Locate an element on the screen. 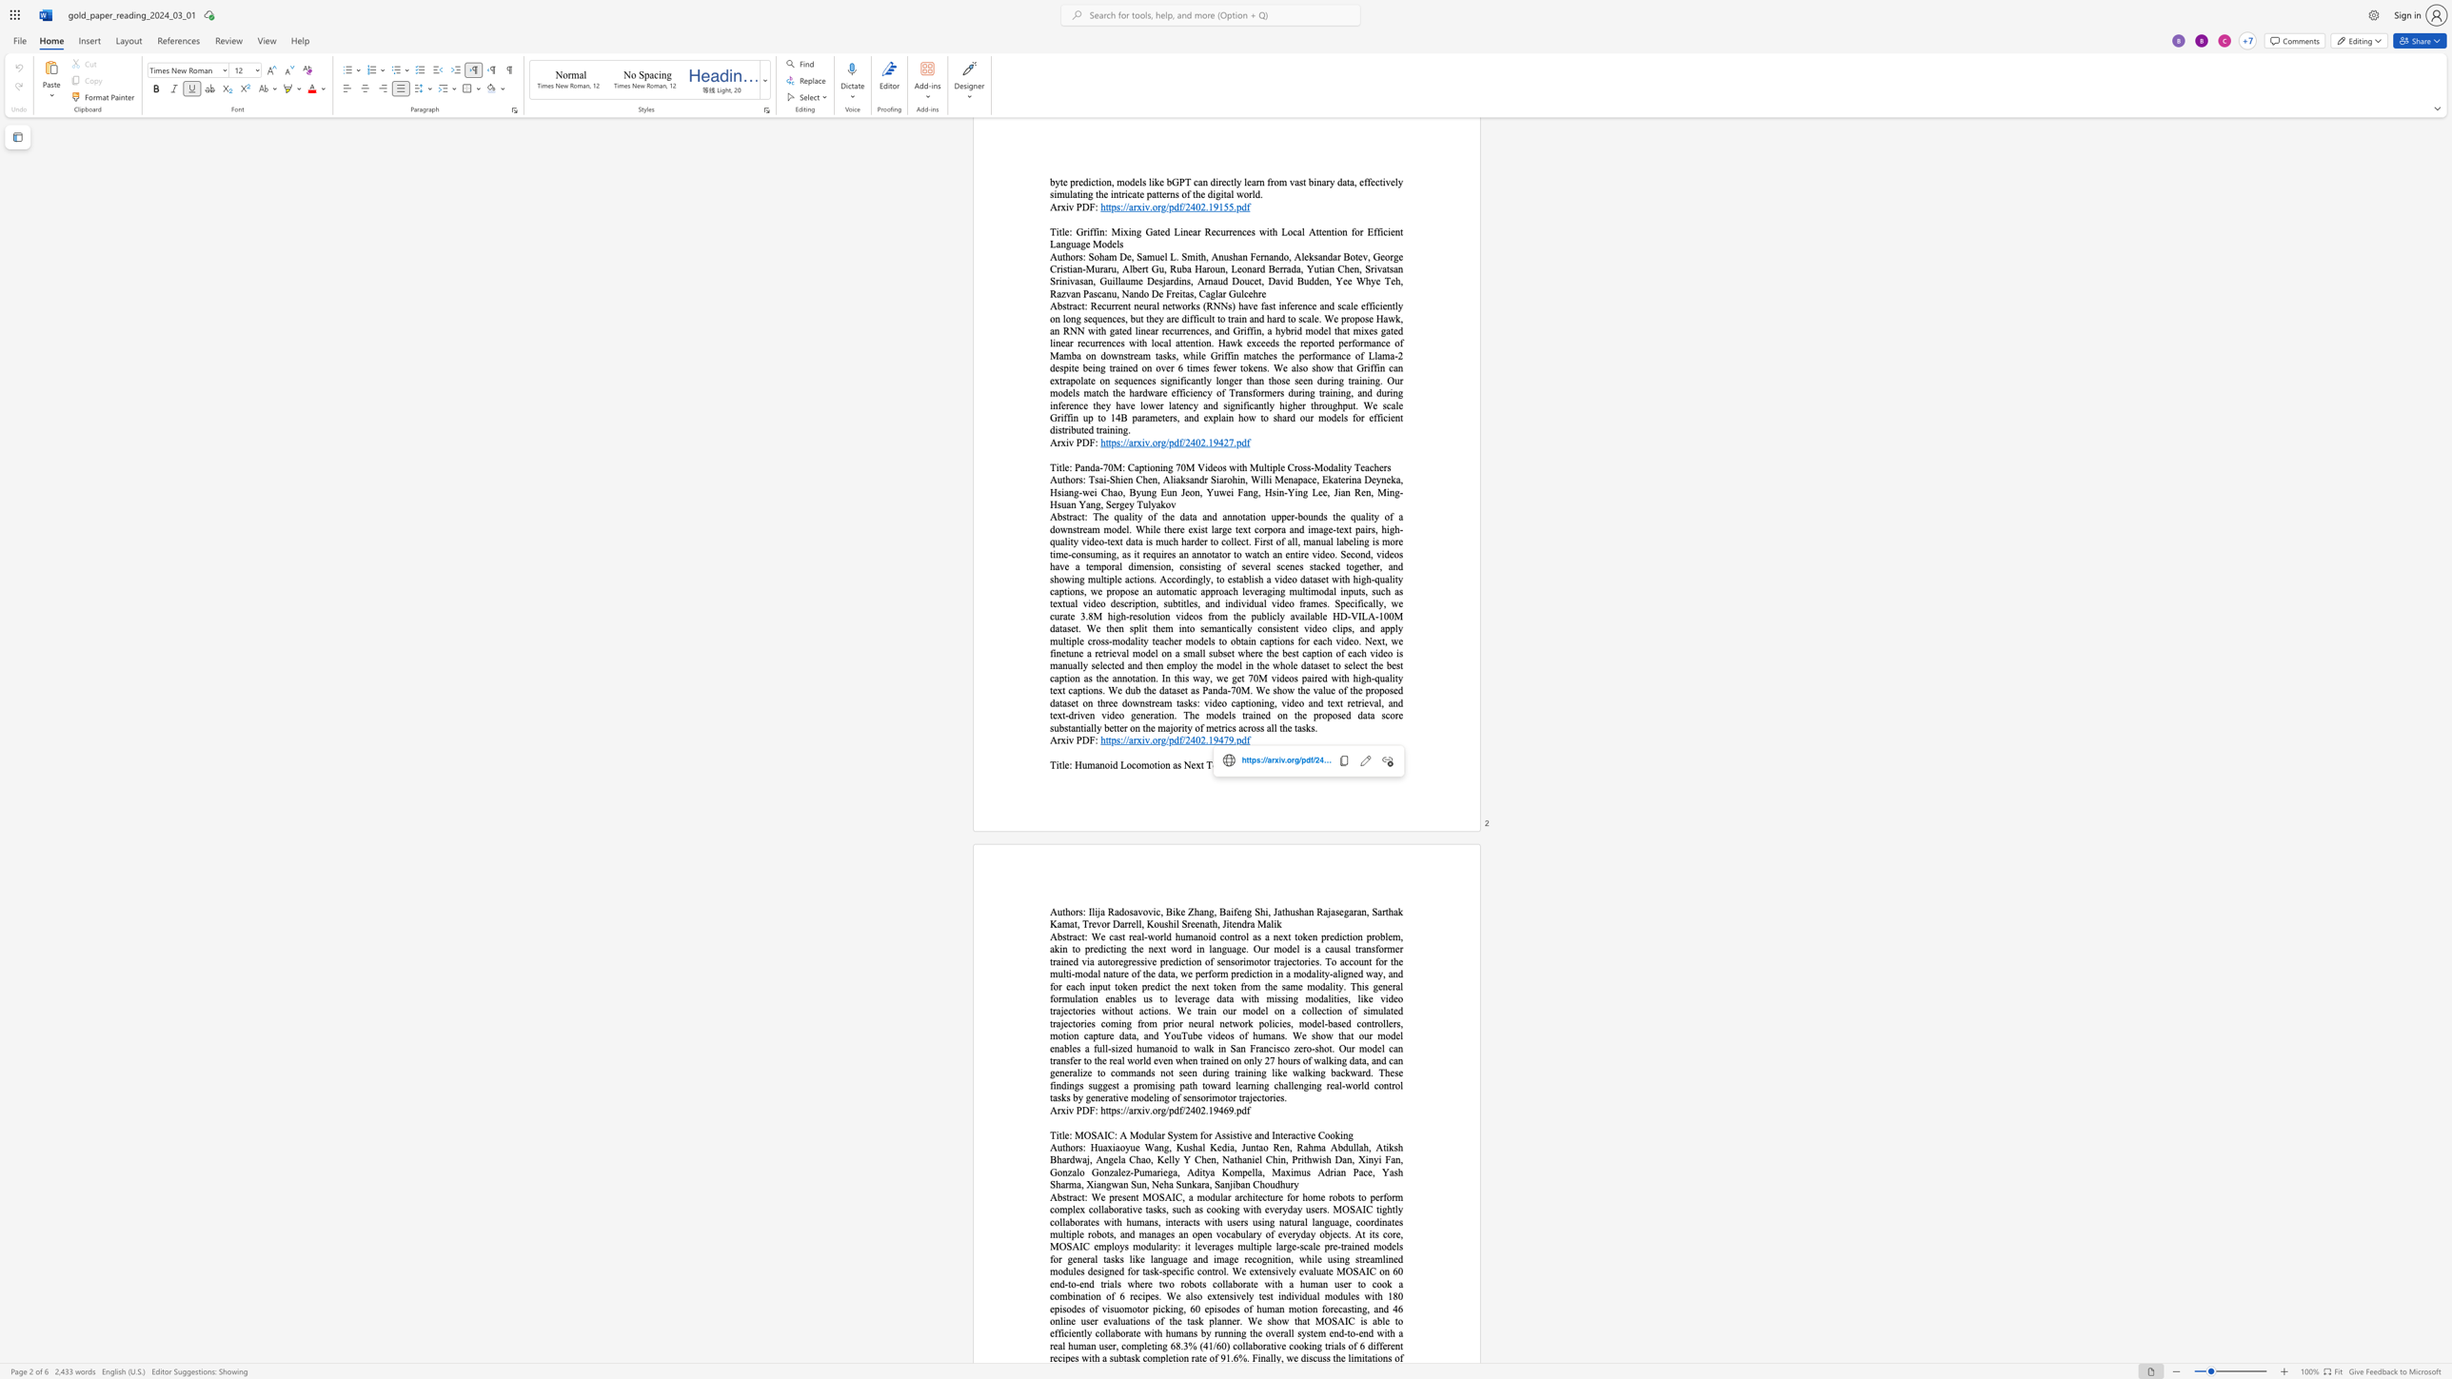 The image size is (2452, 1379). the space between the continuous character "l" and "l" in the text is located at coordinates (1138, 922).